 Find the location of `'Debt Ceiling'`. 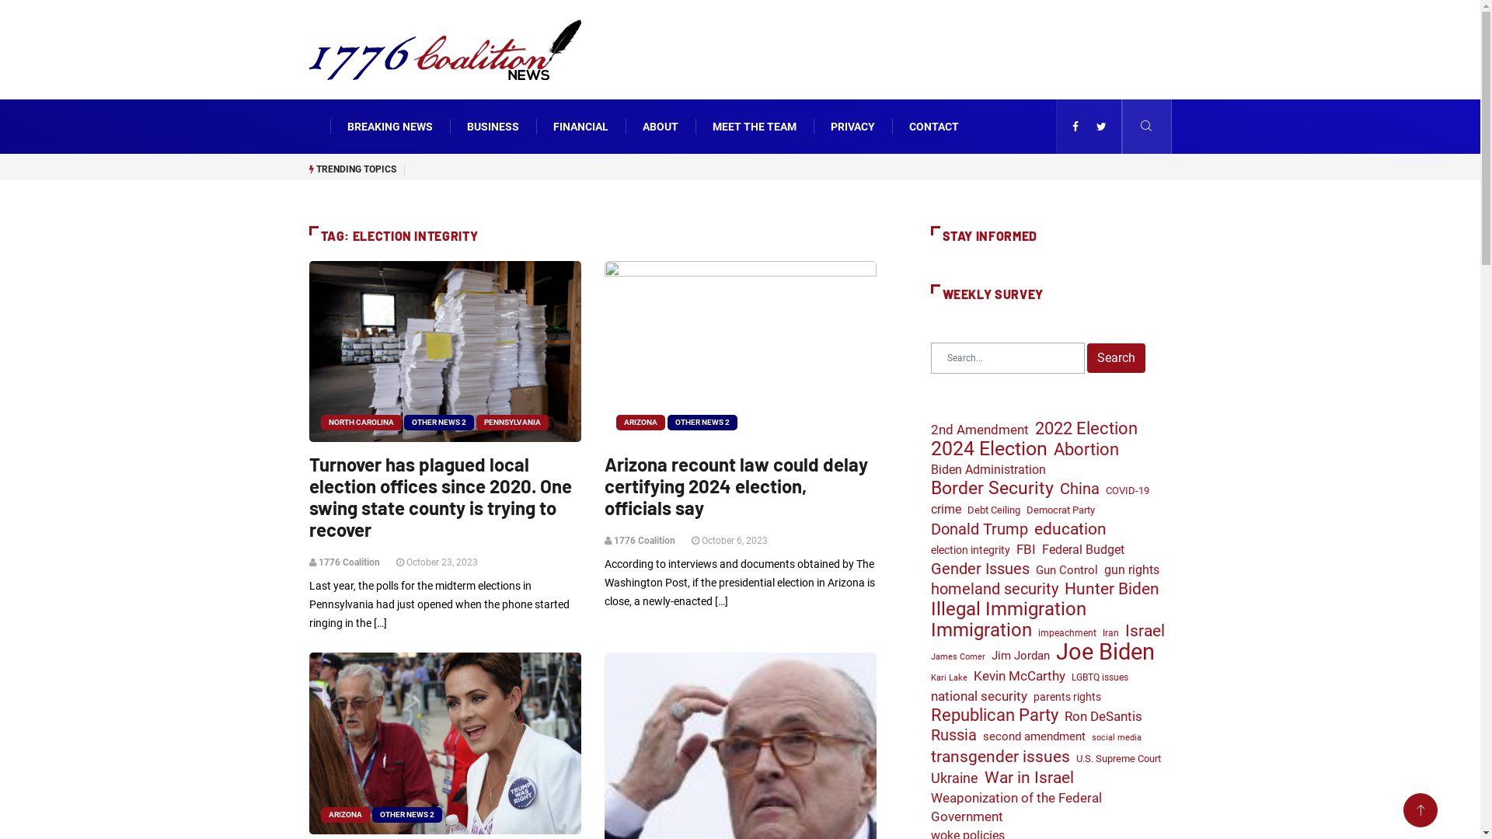

'Debt Ceiling' is located at coordinates (992, 510).